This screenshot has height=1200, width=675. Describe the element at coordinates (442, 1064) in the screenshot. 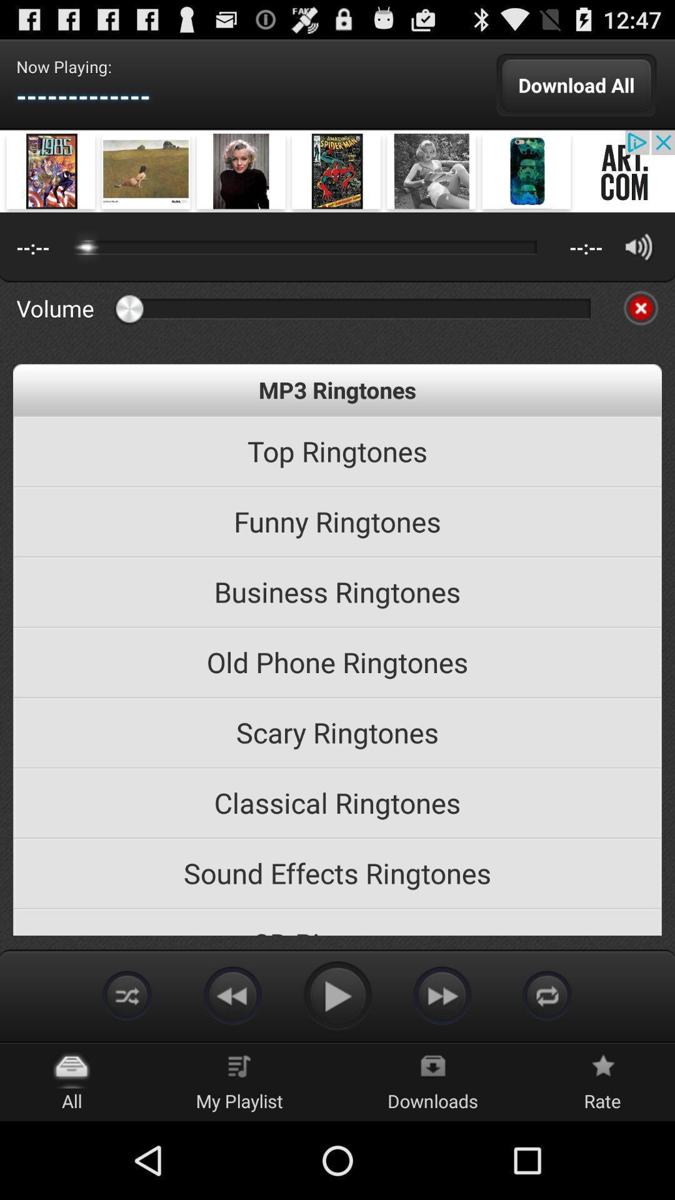

I see `the av_forward icon` at that location.